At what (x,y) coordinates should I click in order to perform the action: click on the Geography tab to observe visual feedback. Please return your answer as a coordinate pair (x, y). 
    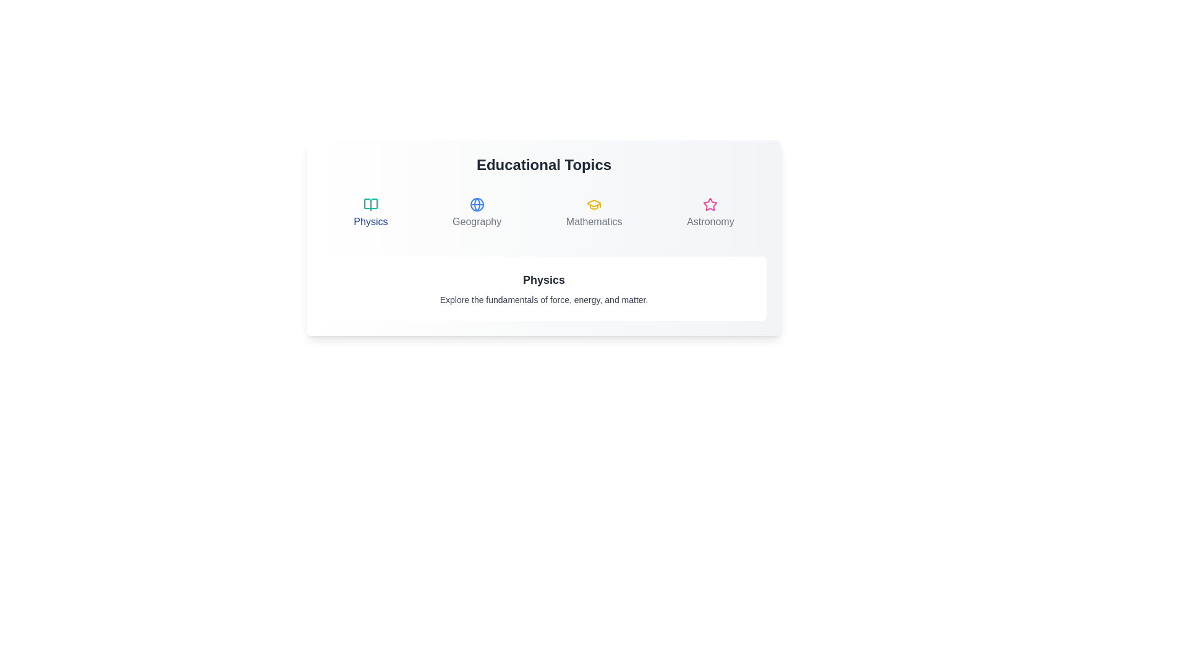
    Looking at the image, I should click on (476, 212).